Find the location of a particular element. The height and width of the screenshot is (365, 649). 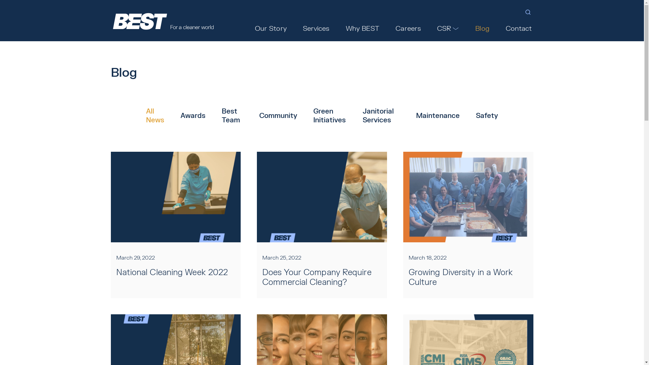

'Blog' is located at coordinates (473, 28).